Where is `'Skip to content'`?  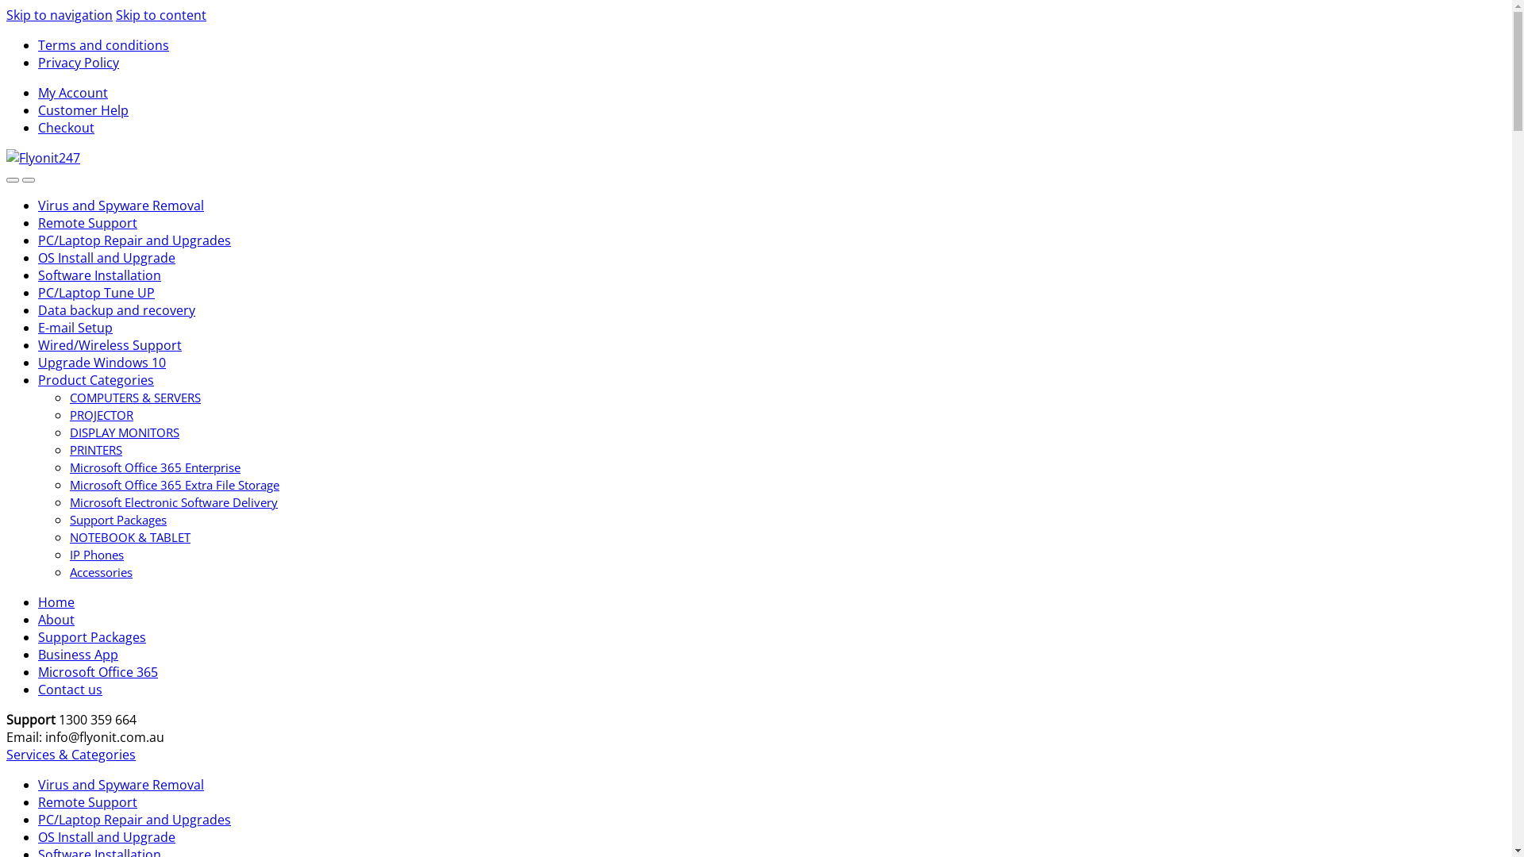 'Skip to content' is located at coordinates (160, 15).